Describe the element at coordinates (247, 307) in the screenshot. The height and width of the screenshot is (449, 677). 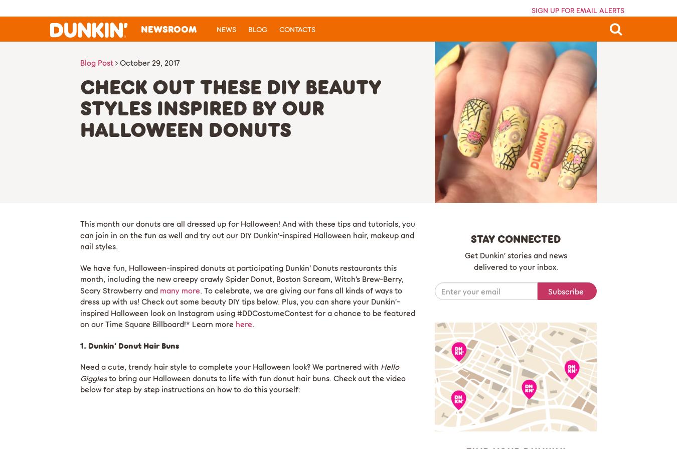
I see `'. To celebrate, we are giving our fans all kinds of ways to dress up with us! Check out some beauty DIY tips below. Plus, you can share your Dunkin’-inspired Halloween look on Instagram using #DDCostumeContest for a chance to be featured on our Time Square Billboard!* Learn more'` at that location.